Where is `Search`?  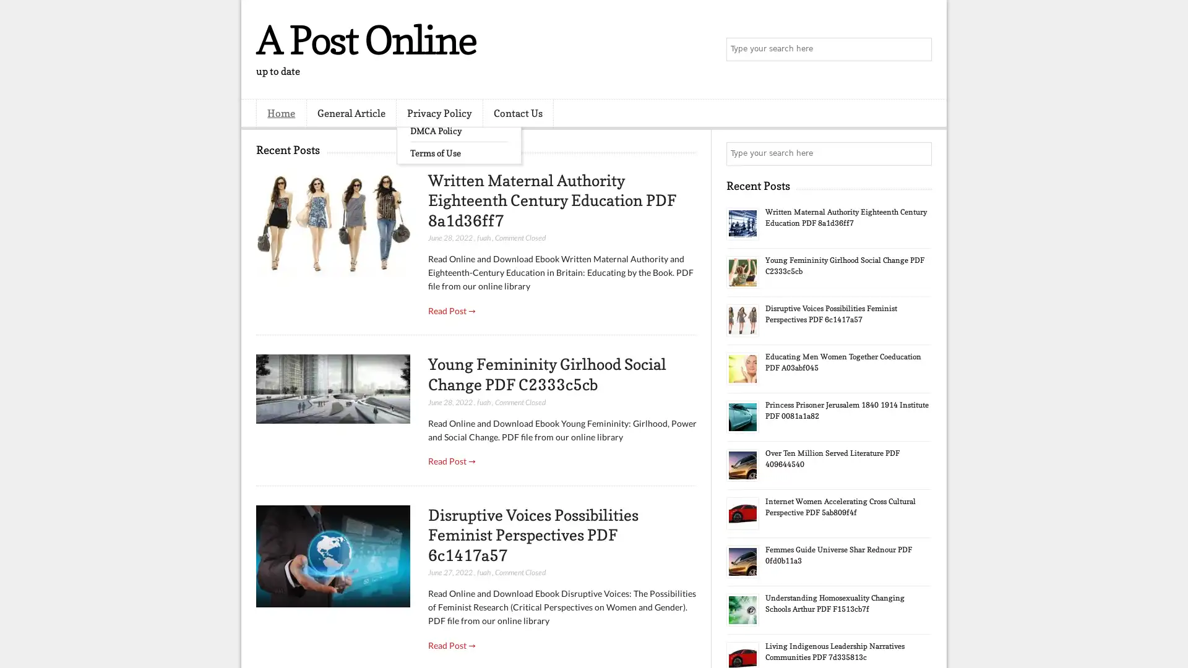 Search is located at coordinates (919, 153).